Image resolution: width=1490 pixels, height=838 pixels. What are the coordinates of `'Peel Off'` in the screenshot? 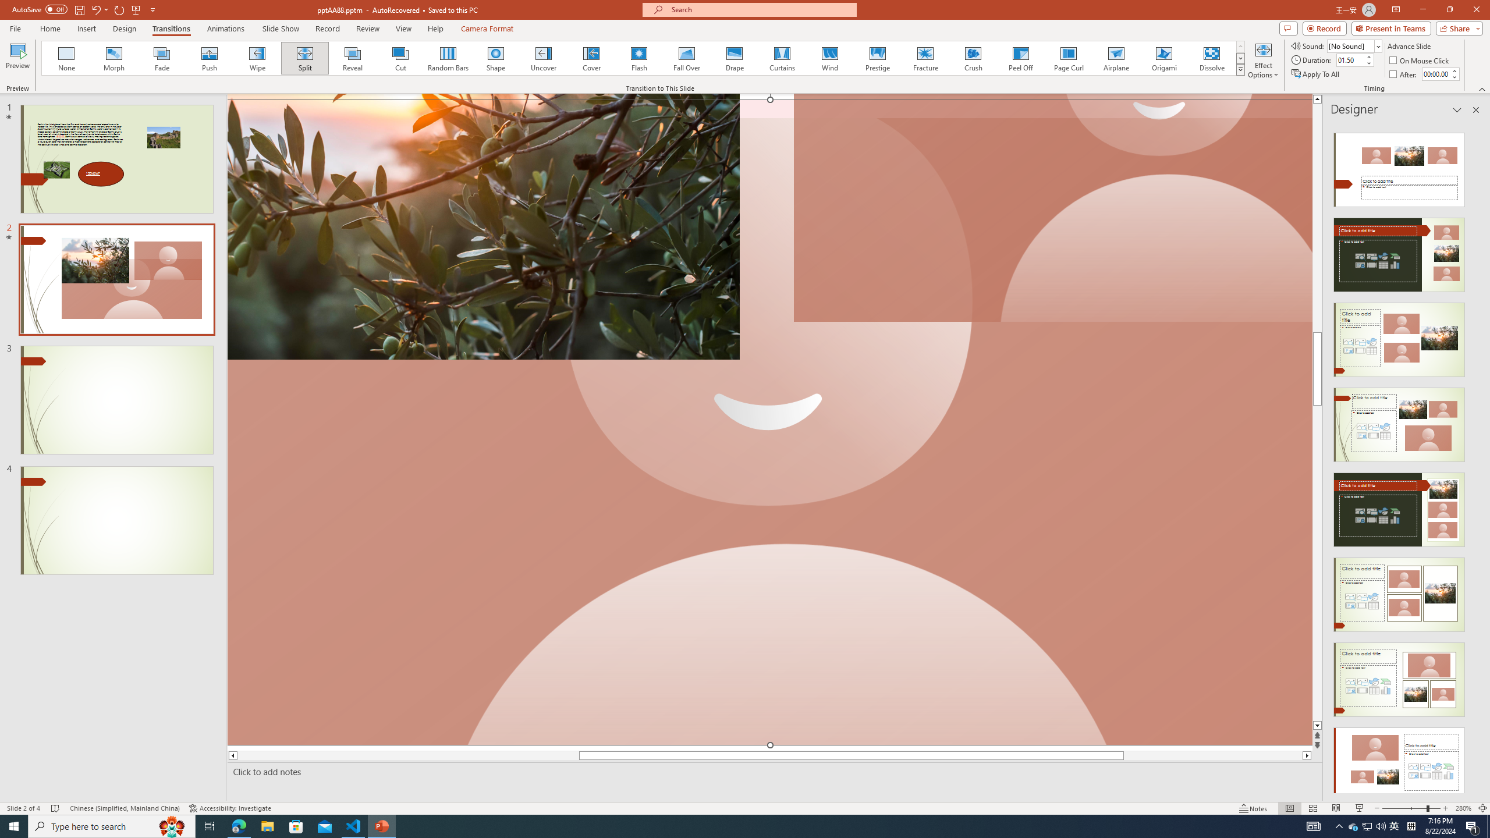 It's located at (1020, 58).